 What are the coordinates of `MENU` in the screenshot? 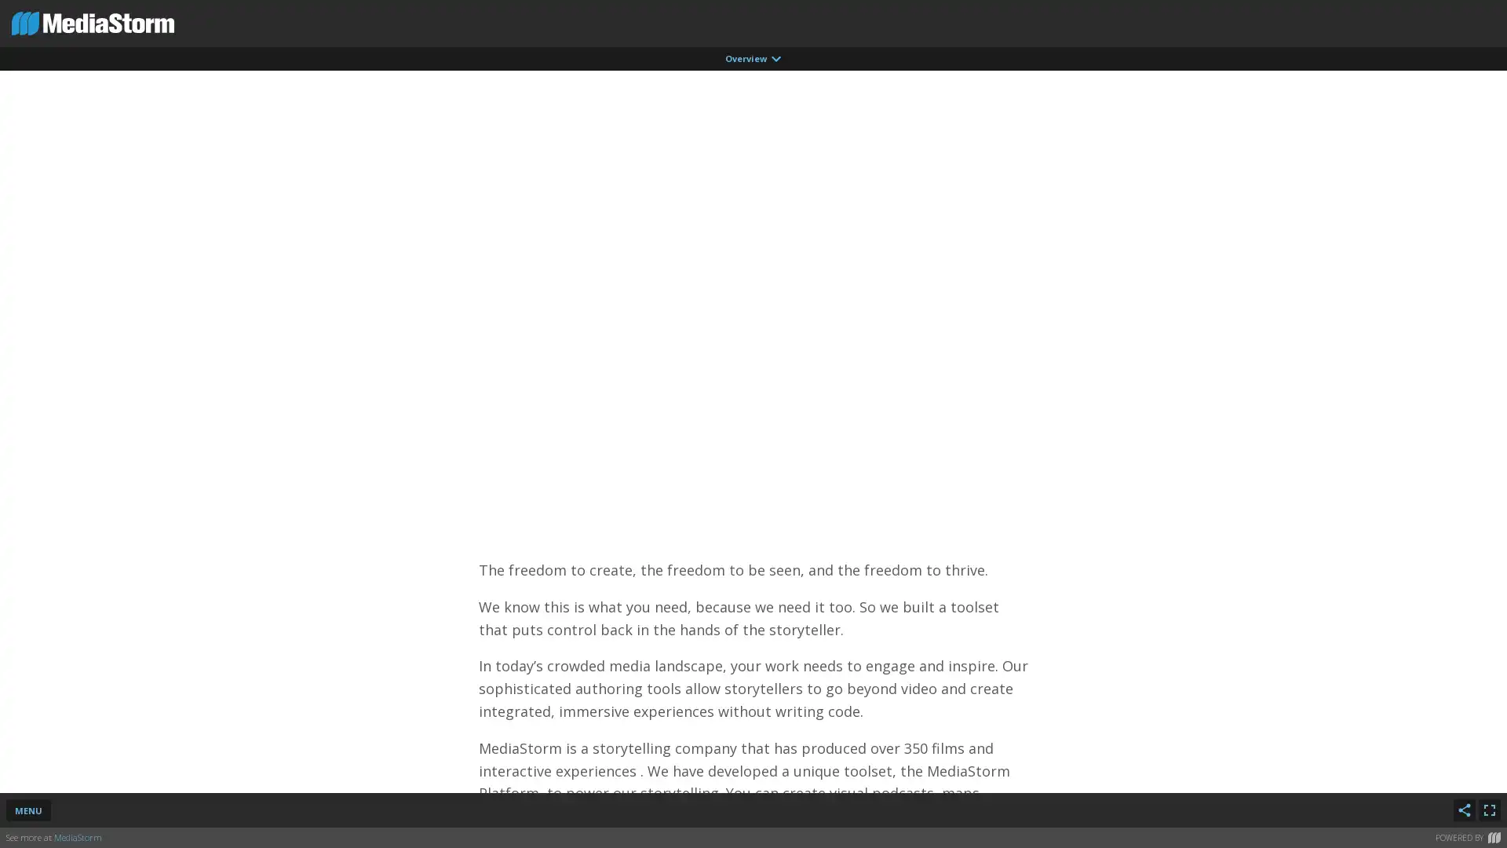 It's located at (28, 810).